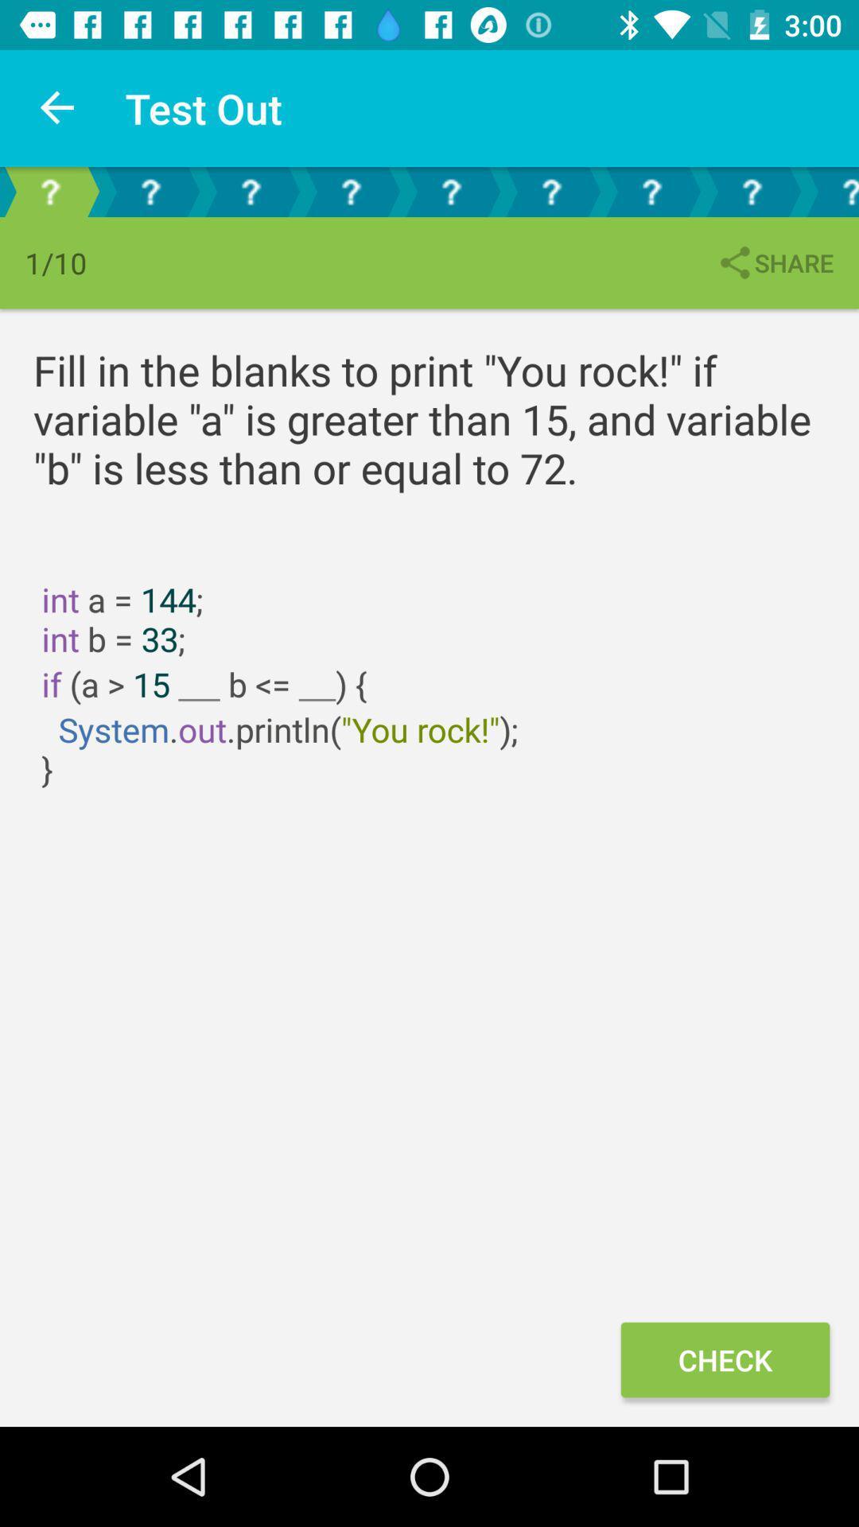 The height and width of the screenshot is (1527, 859). I want to click on the help icon, so click(830, 191).